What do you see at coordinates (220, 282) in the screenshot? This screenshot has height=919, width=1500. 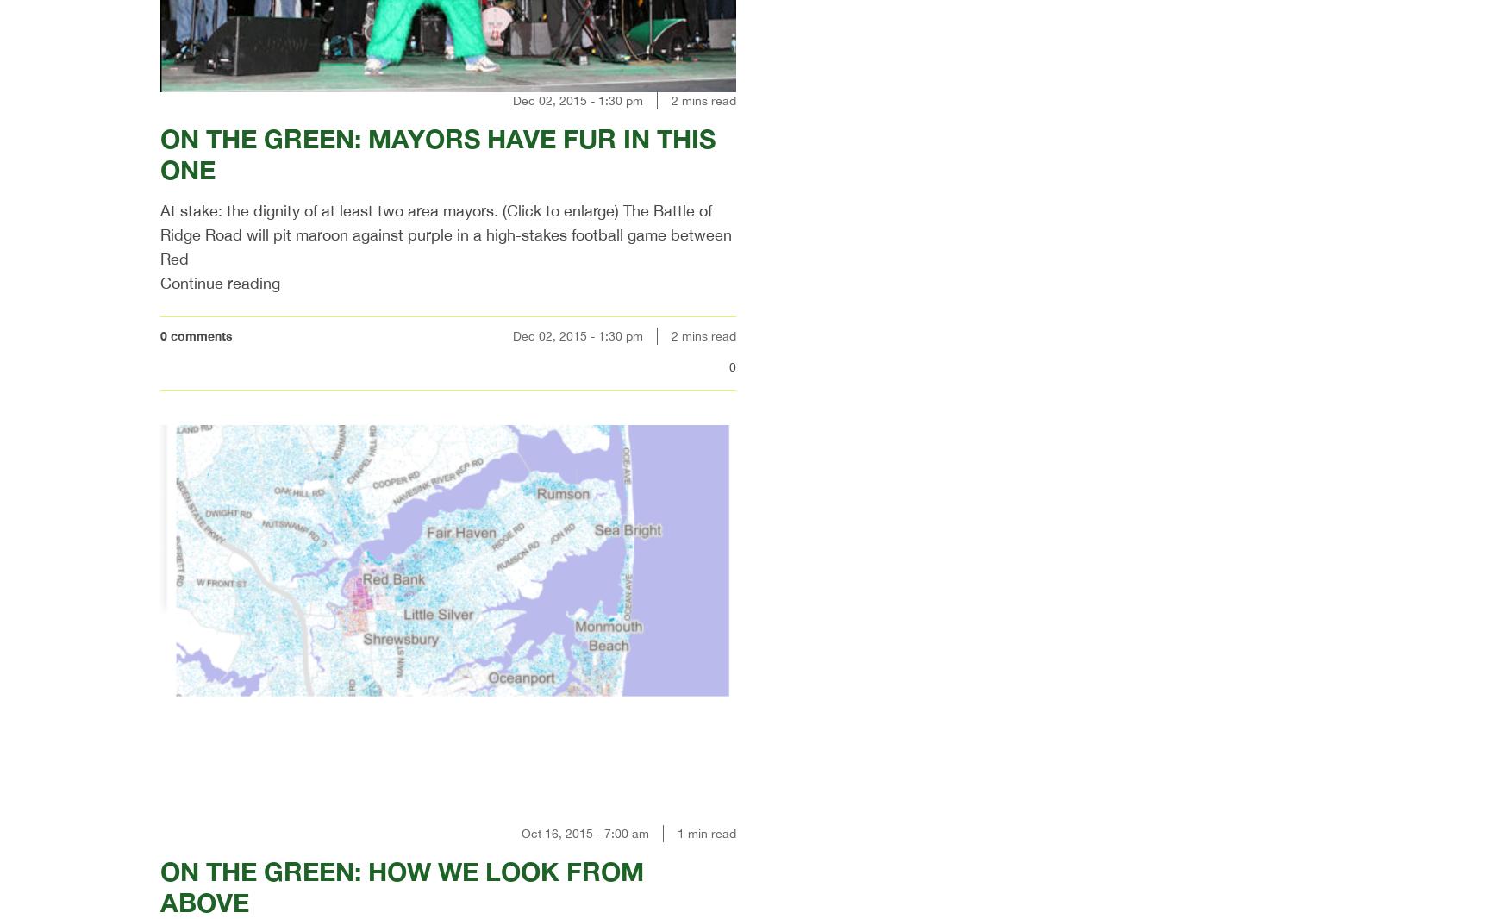 I see `'Continue reading'` at bounding box center [220, 282].